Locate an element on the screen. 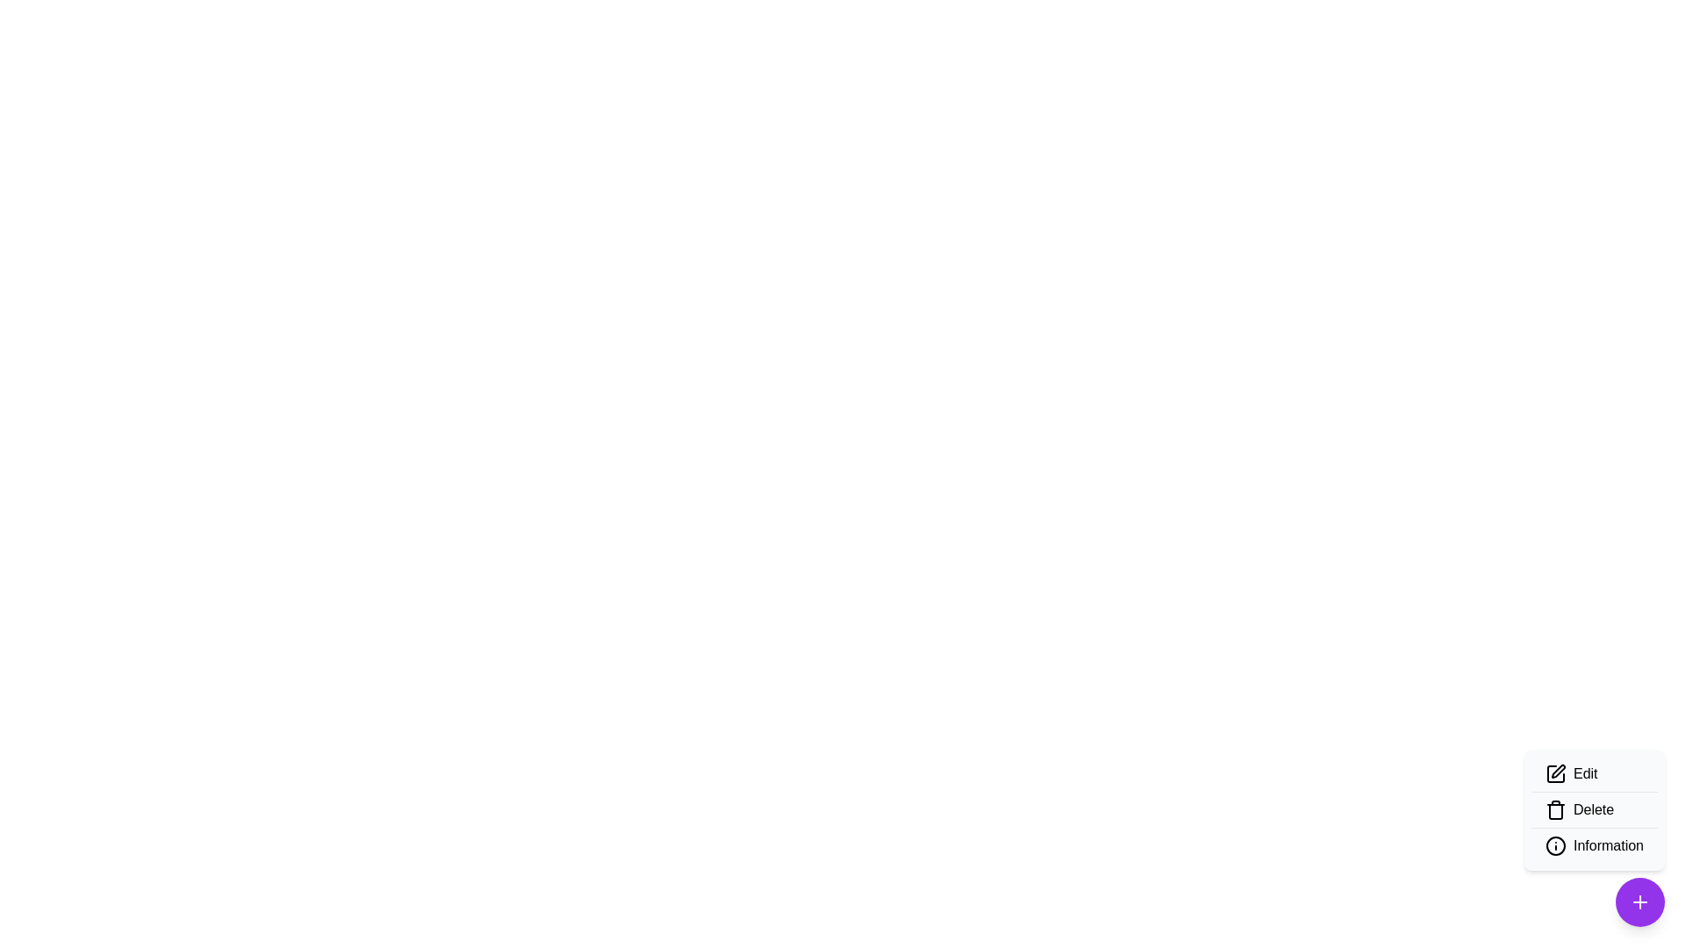  the left-most editing icon in the lower-right menu is located at coordinates (1555, 773).